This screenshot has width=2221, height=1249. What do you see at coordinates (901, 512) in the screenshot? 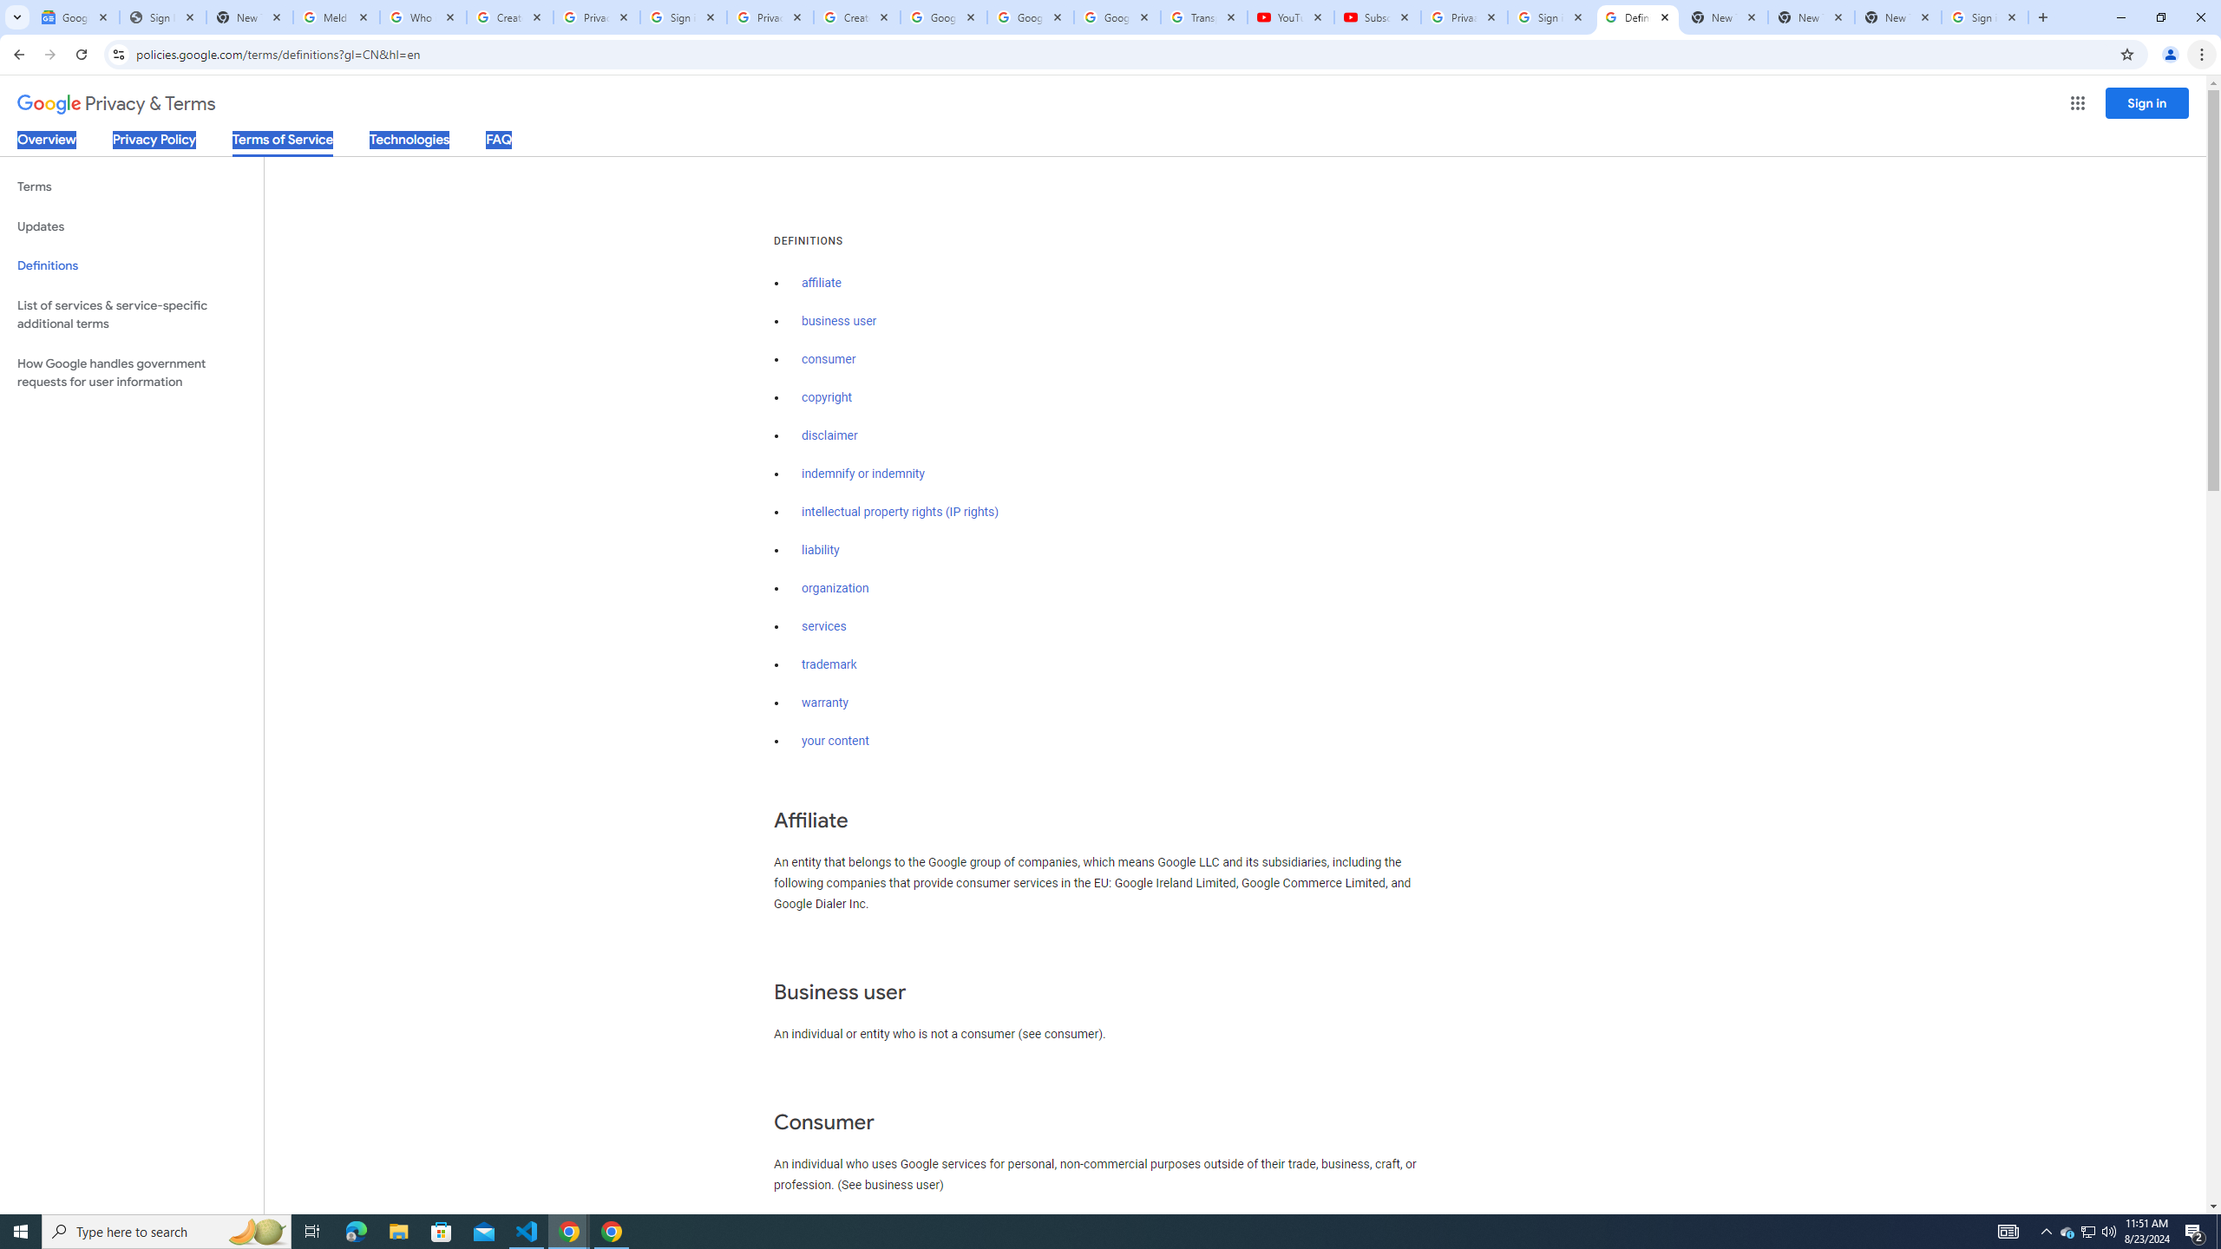
I see `'intellectual property rights (IP rights)'` at bounding box center [901, 512].